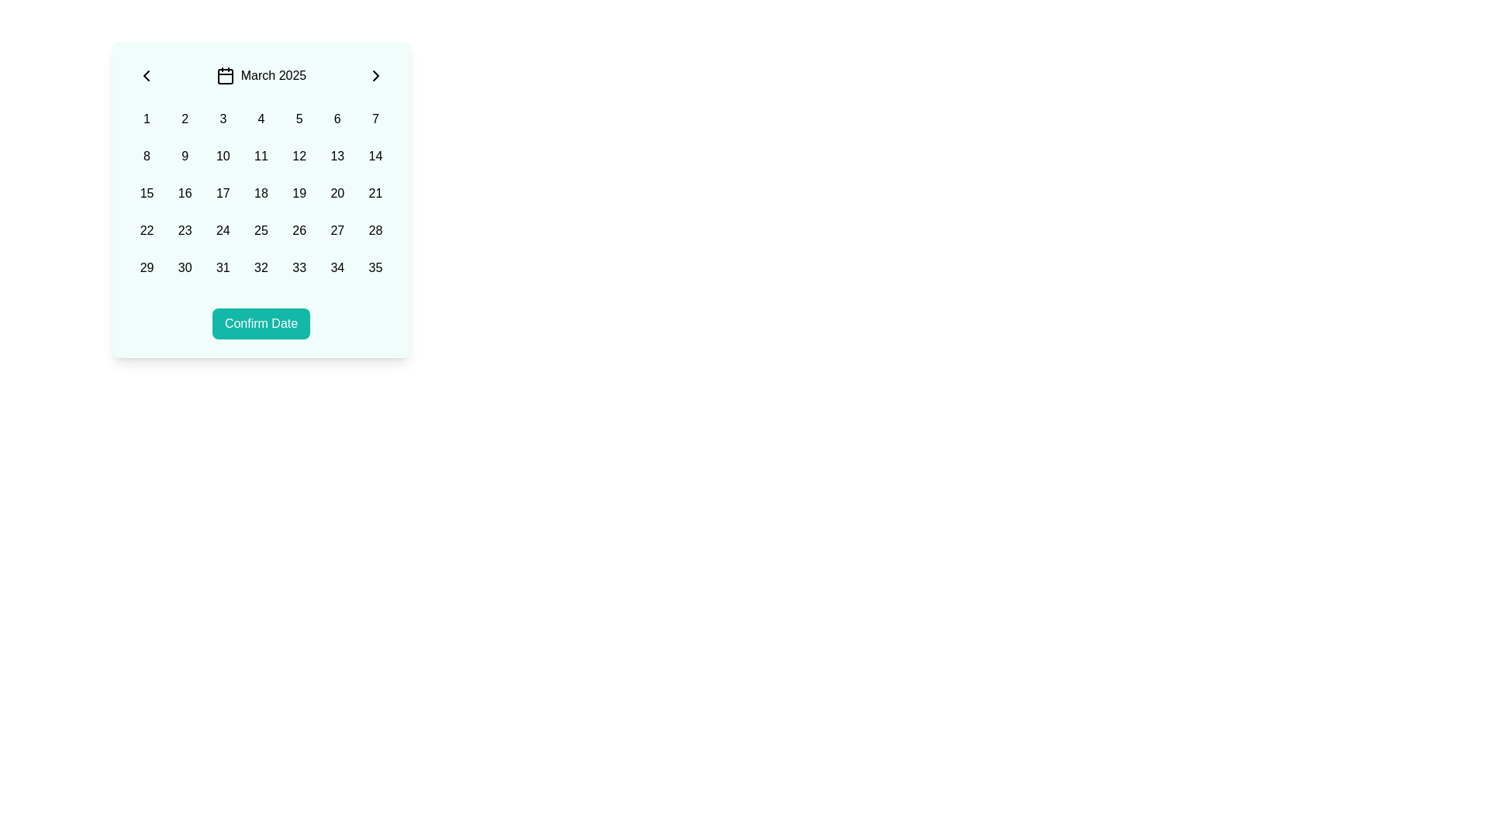 The image size is (1489, 837). I want to click on the interactive grid cell representing the 21st day of March 2025 in the calendar selector, so click(375, 193).